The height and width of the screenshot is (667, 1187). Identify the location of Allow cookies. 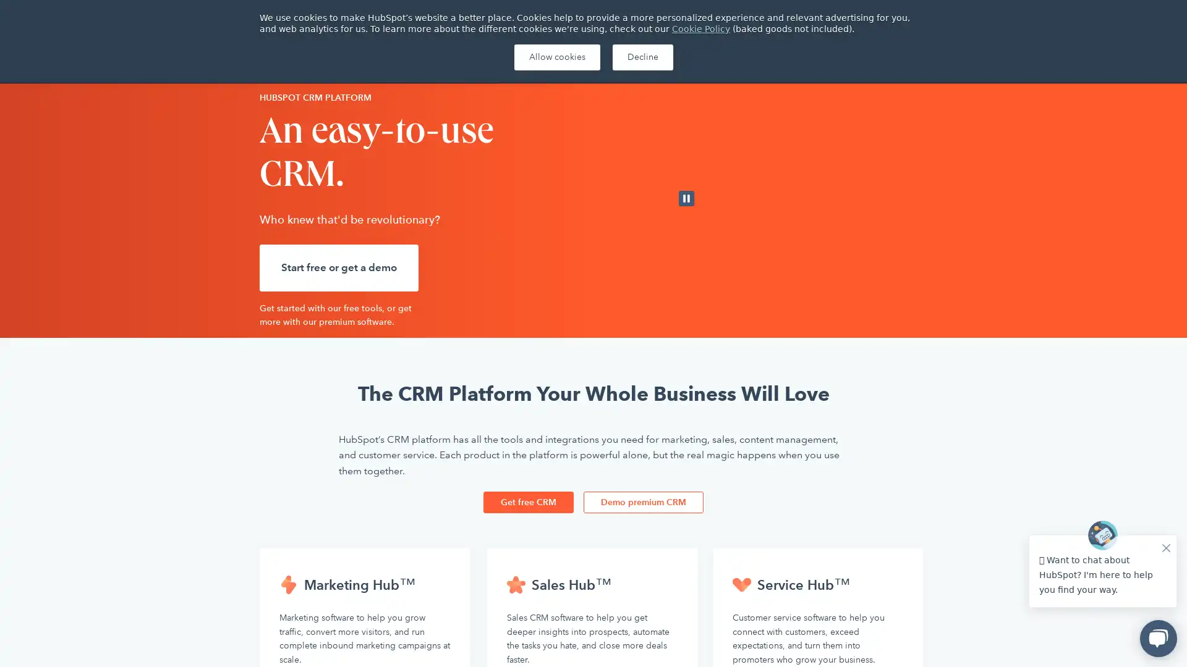
(556, 57).